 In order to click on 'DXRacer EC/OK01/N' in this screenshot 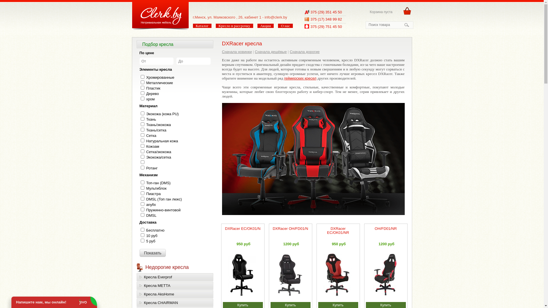, I will do `click(224, 228)`.